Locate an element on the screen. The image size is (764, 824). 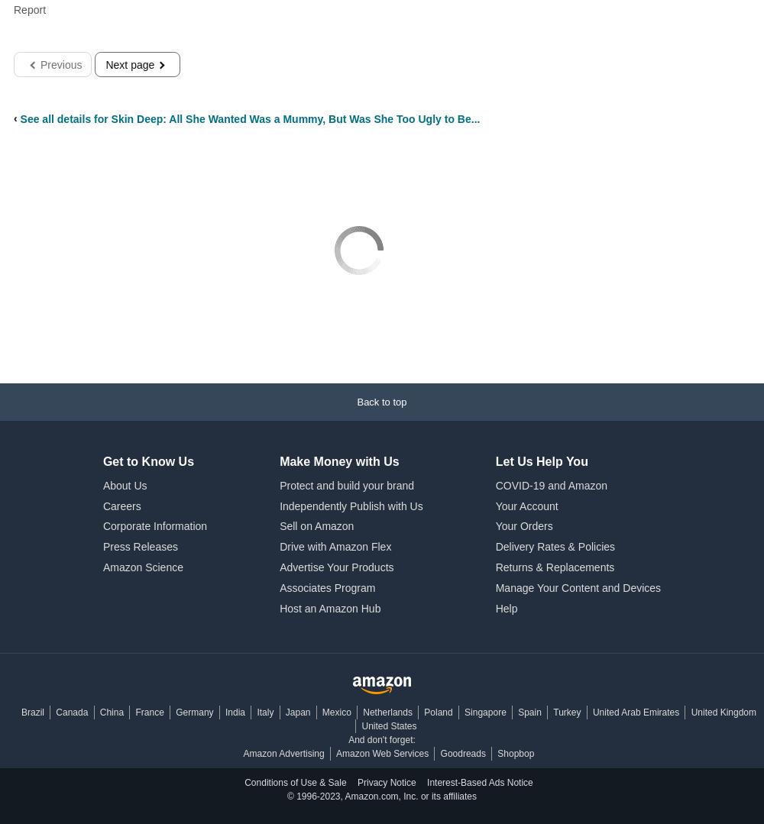
'Your Account' is located at coordinates (526, 504).